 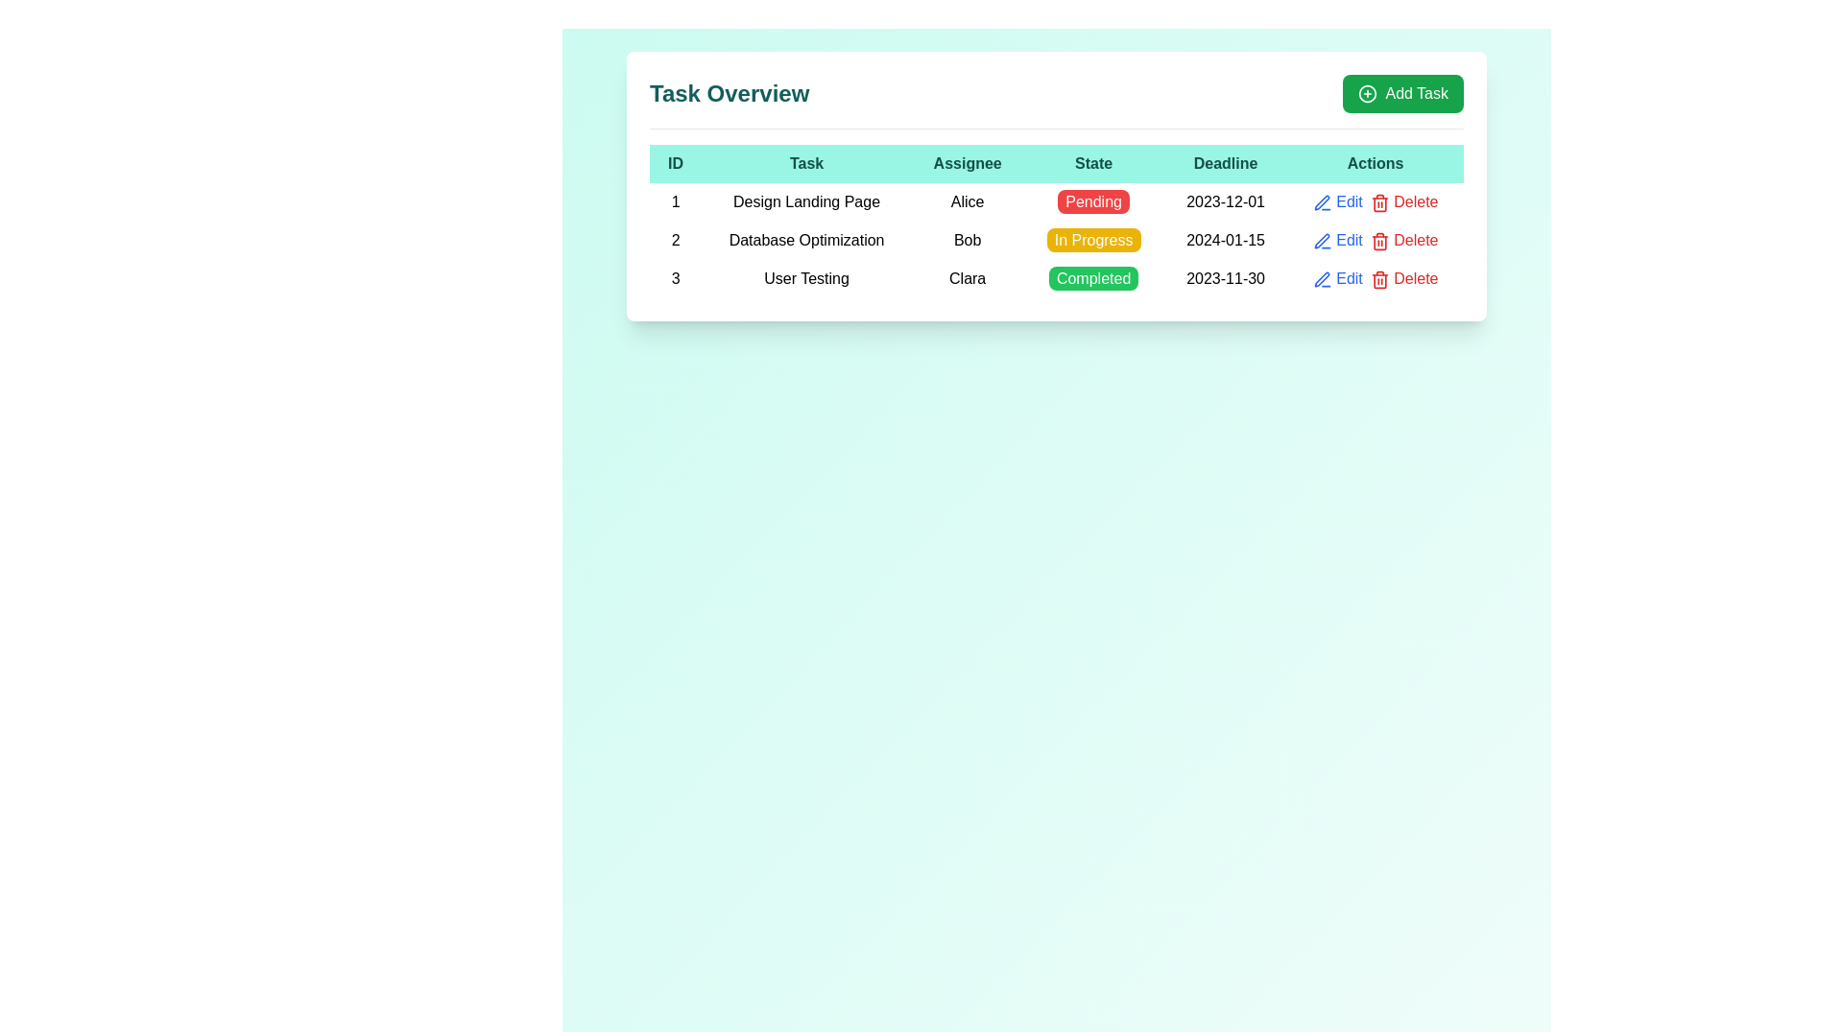 I want to click on the red 'Delete' hyperlink with trash bin icon in the 'Actions' column of the third row, so click(x=1404, y=202).